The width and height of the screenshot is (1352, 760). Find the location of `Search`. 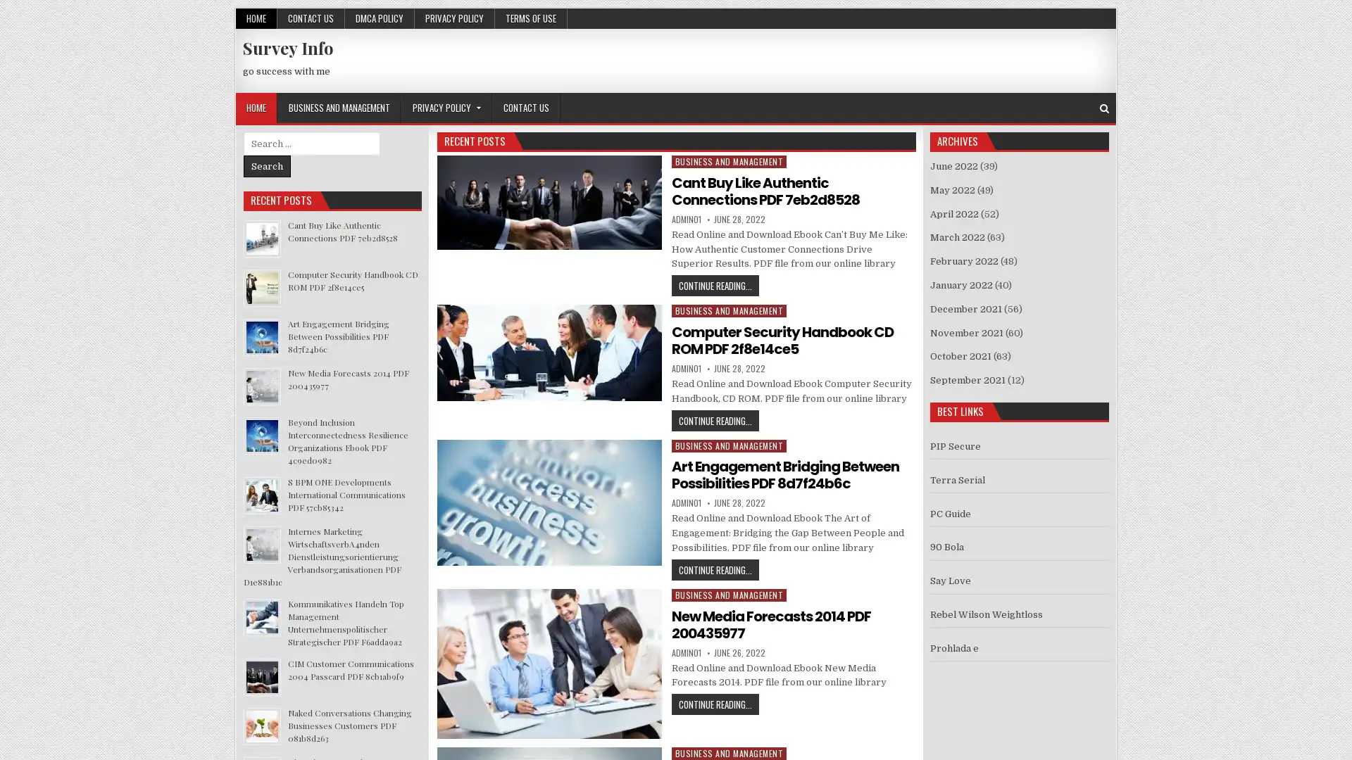

Search is located at coordinates (266, 165).